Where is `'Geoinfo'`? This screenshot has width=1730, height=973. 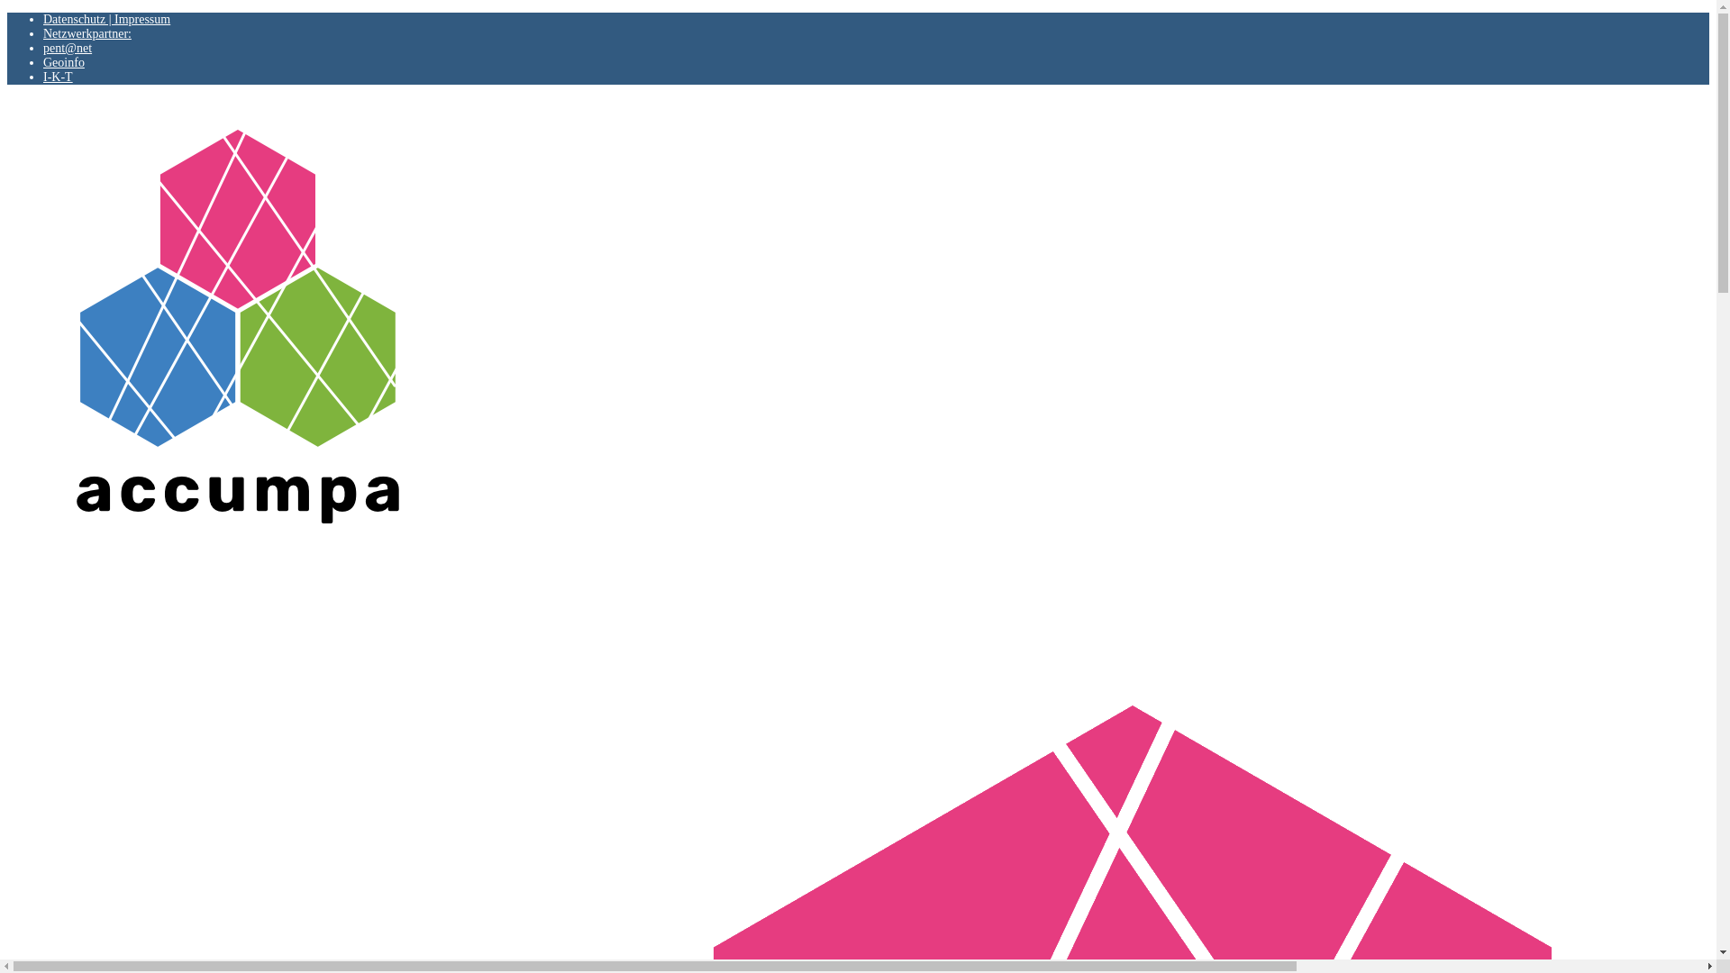
'Geoinfo' is located at coordinates (64, 61).